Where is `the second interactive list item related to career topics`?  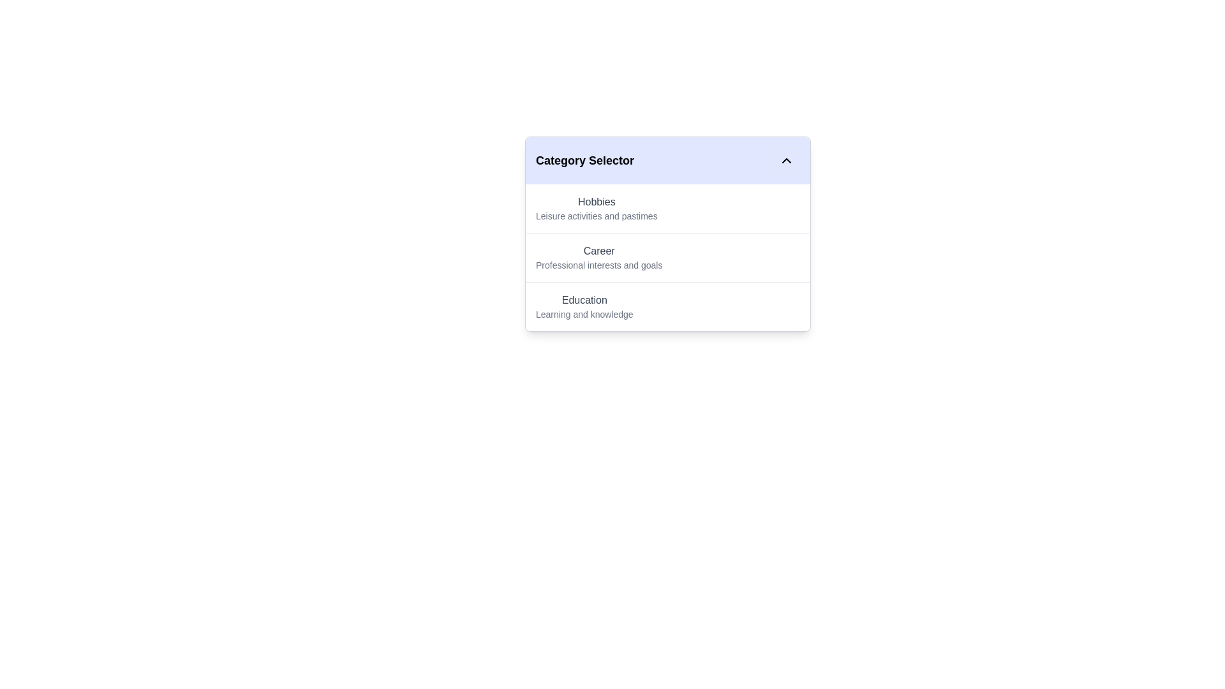 the second interactive list item related to career topics is located at coordinates (667, 258).